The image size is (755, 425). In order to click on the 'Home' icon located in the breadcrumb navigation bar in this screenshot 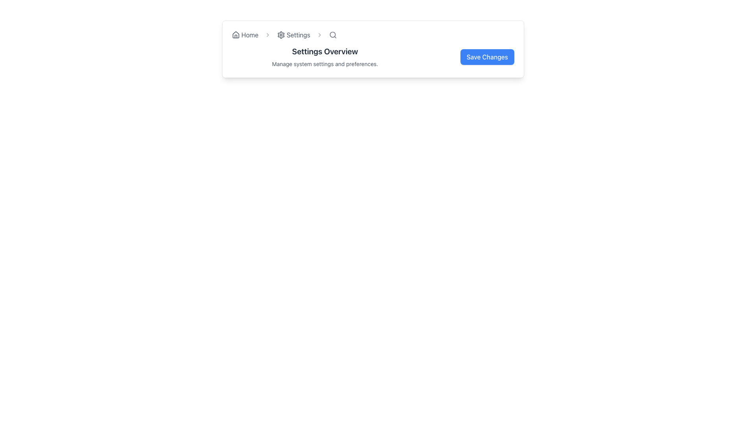, I will do `click(236, 34)`.